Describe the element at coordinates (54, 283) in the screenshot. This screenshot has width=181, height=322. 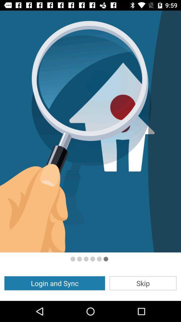
I see `the login and sync icon` at that location.